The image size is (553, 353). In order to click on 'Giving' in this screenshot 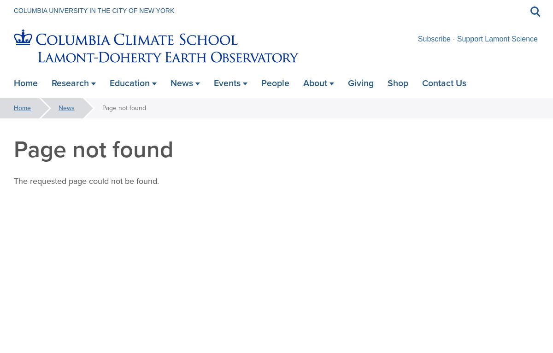, I will do `click(360, 82)`.